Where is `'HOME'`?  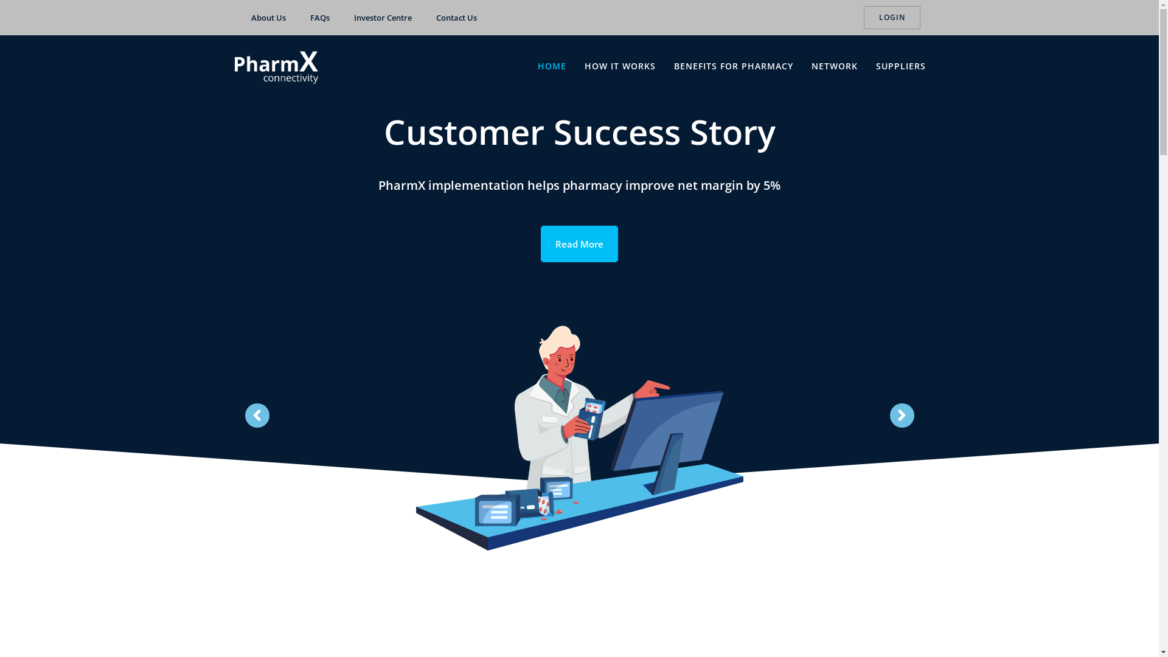 'HOME' is located at coordinates (537, 65).